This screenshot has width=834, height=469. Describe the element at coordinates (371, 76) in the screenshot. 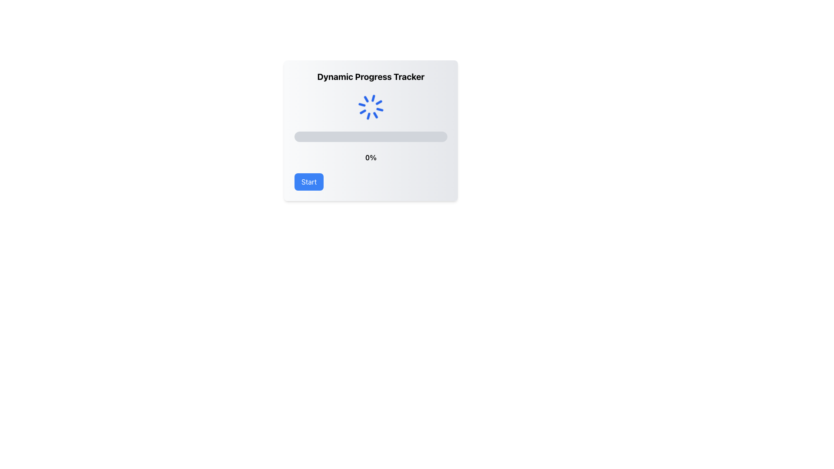

I see `the descriptive title text label located at the top of its card-like module, which features a gradient background and rounded corners, positioned above a spinning loader icon` at that location.